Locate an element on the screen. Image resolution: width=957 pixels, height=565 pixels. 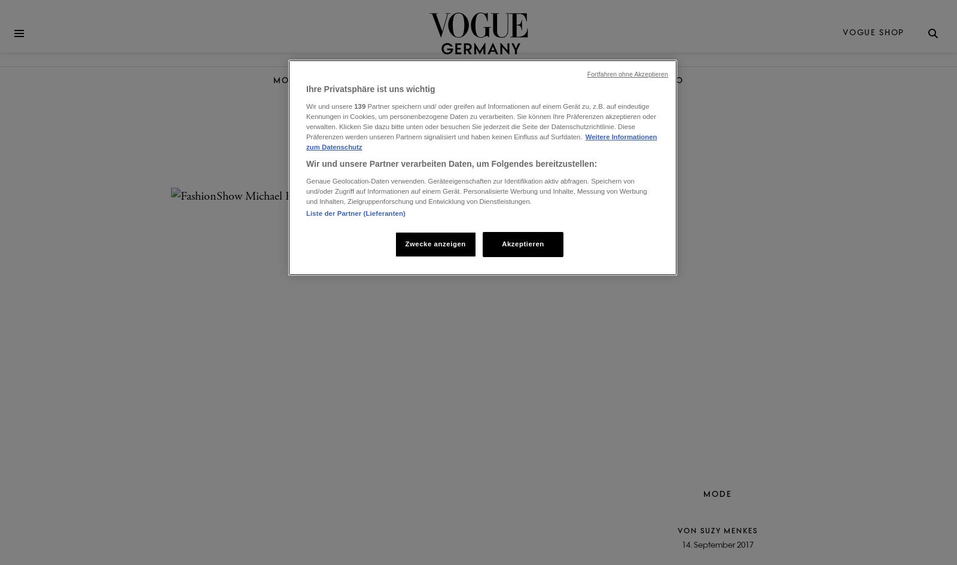
'VIDEO' is located at coordinates (557, 80).